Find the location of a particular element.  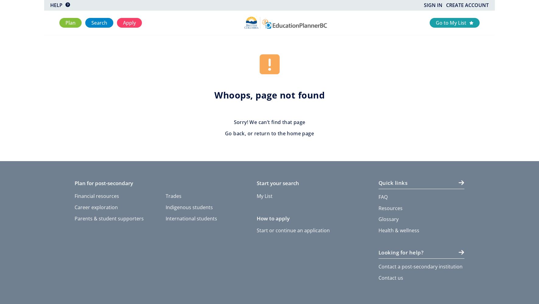

'My List' is located at coordinates (265, 196).